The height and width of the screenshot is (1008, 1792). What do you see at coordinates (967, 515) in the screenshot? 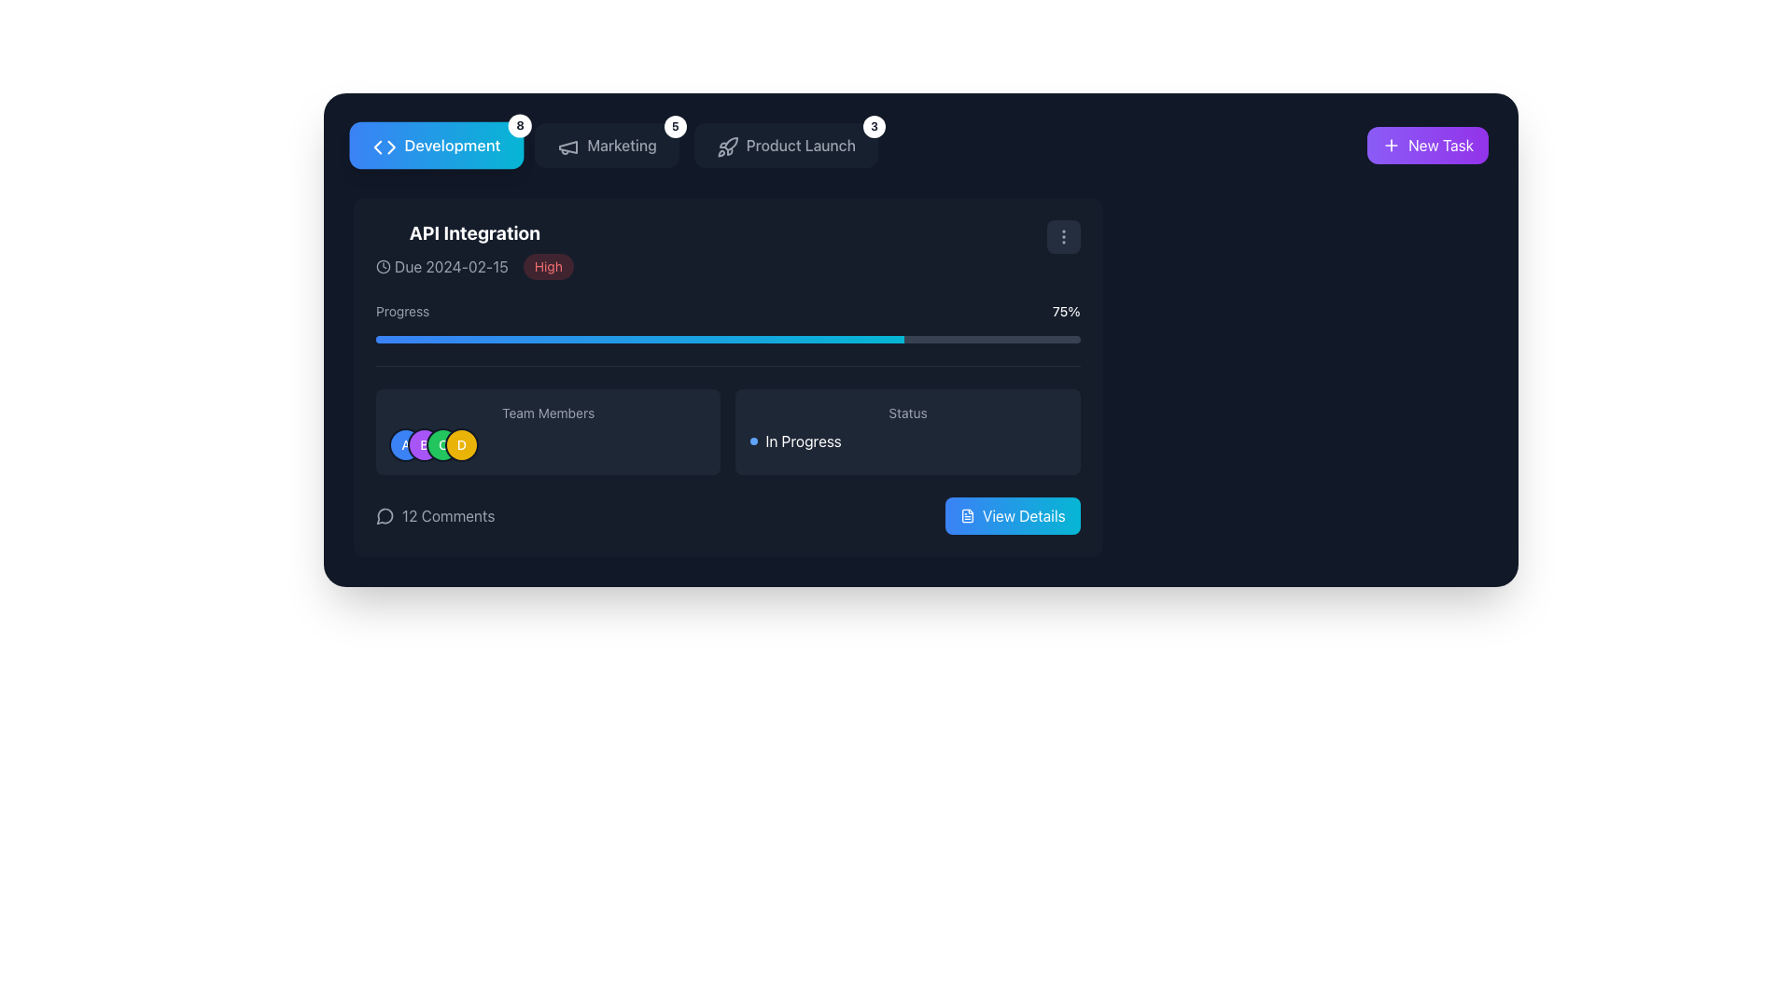
I see `the SVG icon representing the 'View Details' action, located at the leftmost part of the button in the bottom-right corner of the 'API Integration' section card` at bounding box center [967, 515].